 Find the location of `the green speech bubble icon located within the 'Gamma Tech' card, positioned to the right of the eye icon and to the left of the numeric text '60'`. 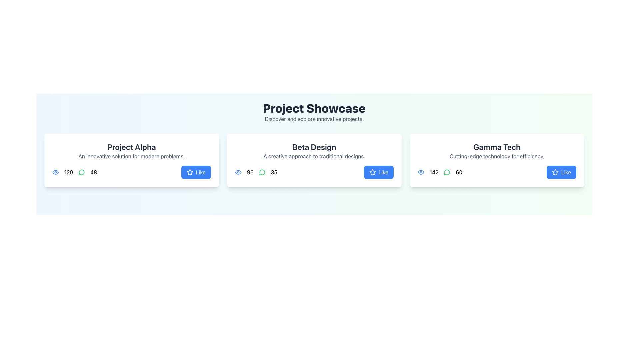

the green speech bubble icon located within the 'Gamma Tech' card, positioned to the right of the eye icon and to the left of the numeric text '60' is located at coordinates (447, 172).